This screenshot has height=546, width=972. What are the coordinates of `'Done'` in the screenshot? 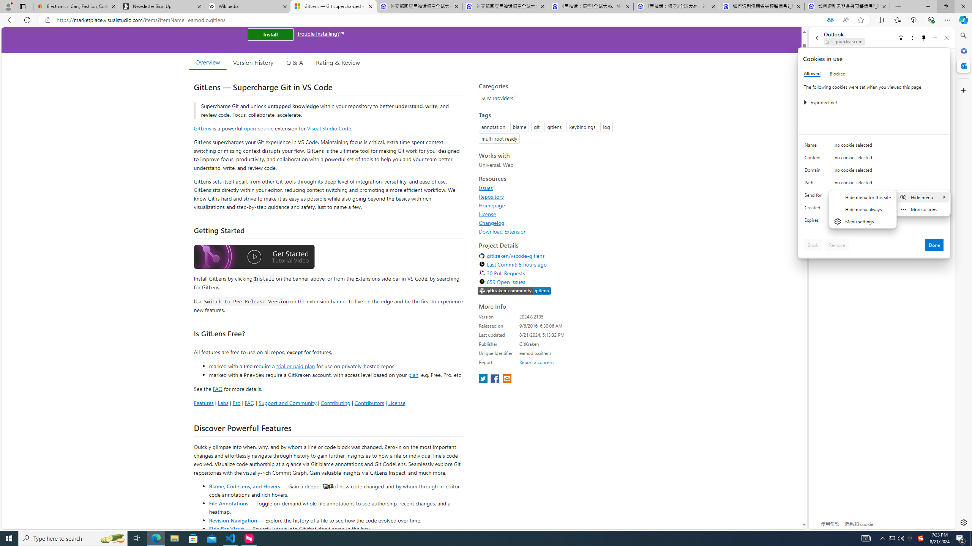 It's located at (934, 245).